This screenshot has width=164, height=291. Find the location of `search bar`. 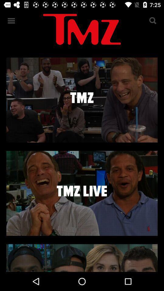

search bar is located at coordinates (152, 21).